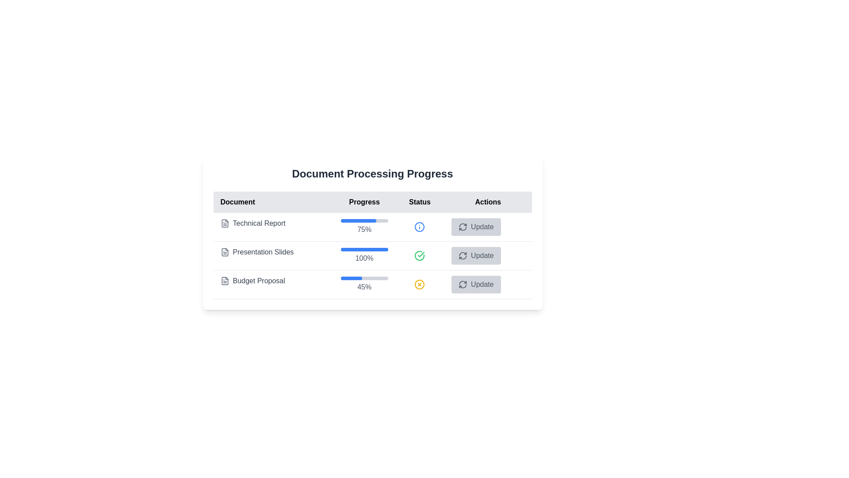 The height and width of the screenshot is (478, 849). Describe the element at coordinates (372, 256) in the screenshot. I see `the progress indicator with text that shows the processing of the 'Presentation Slides' document is 100% complete, located in the second row of the document table` at that location.